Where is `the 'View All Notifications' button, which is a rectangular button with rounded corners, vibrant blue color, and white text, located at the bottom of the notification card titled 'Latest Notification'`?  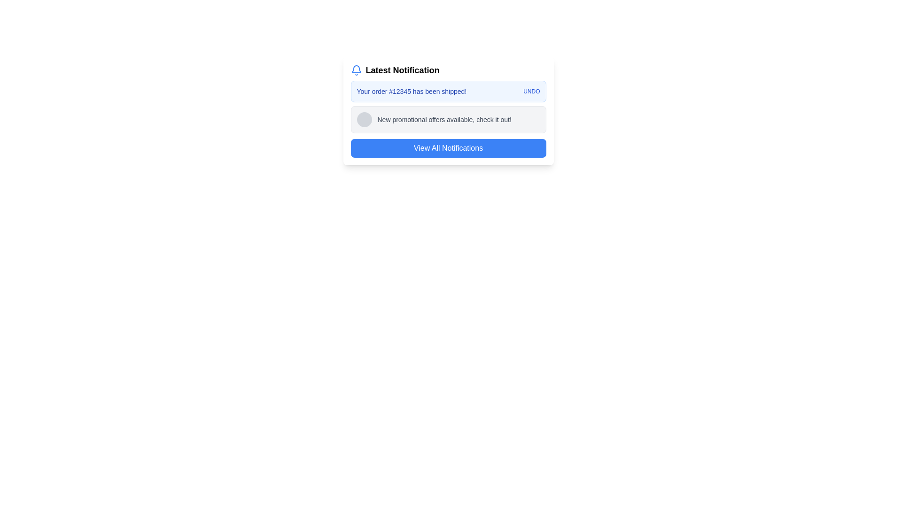
the 'View All Notifications' button, which is a rectangular button with rounded corners, vibrant blue color, and white text, located at the bottom of the notification card titled 'Latest Notification' is located at coordinates (448, 148).